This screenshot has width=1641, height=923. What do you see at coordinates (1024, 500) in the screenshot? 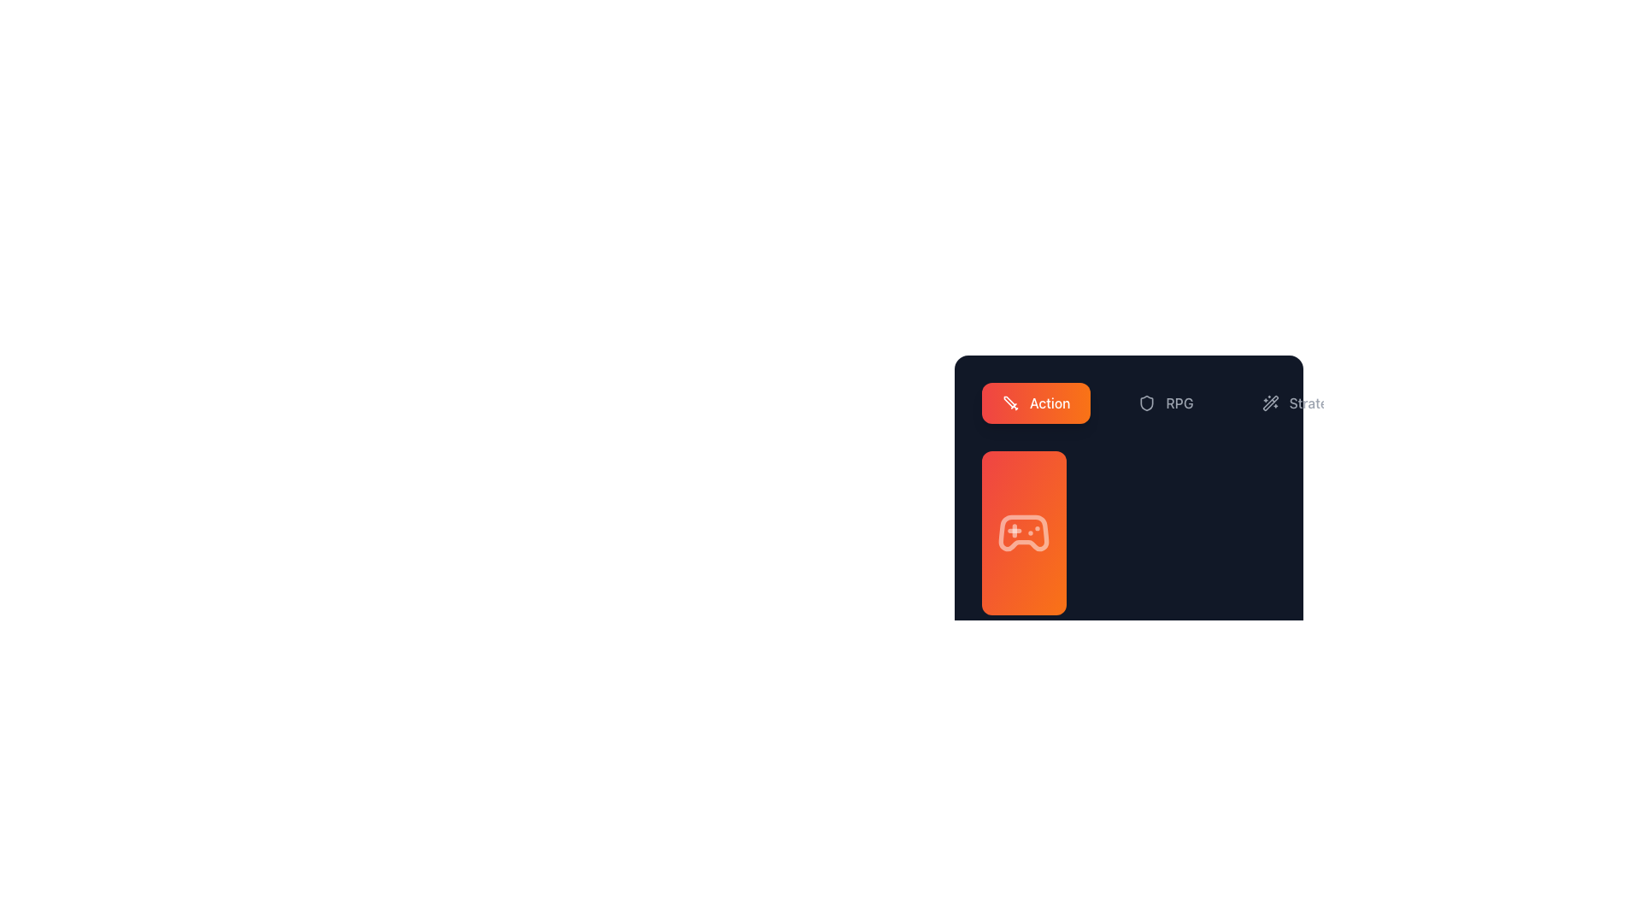
I see `the gaming feature icon located on the right side of the dark-themed interface, beneath the red 'Action' button and adjacent to the 'RPG' and 'Strategy' selection options` at bounding box center [1024, 500].